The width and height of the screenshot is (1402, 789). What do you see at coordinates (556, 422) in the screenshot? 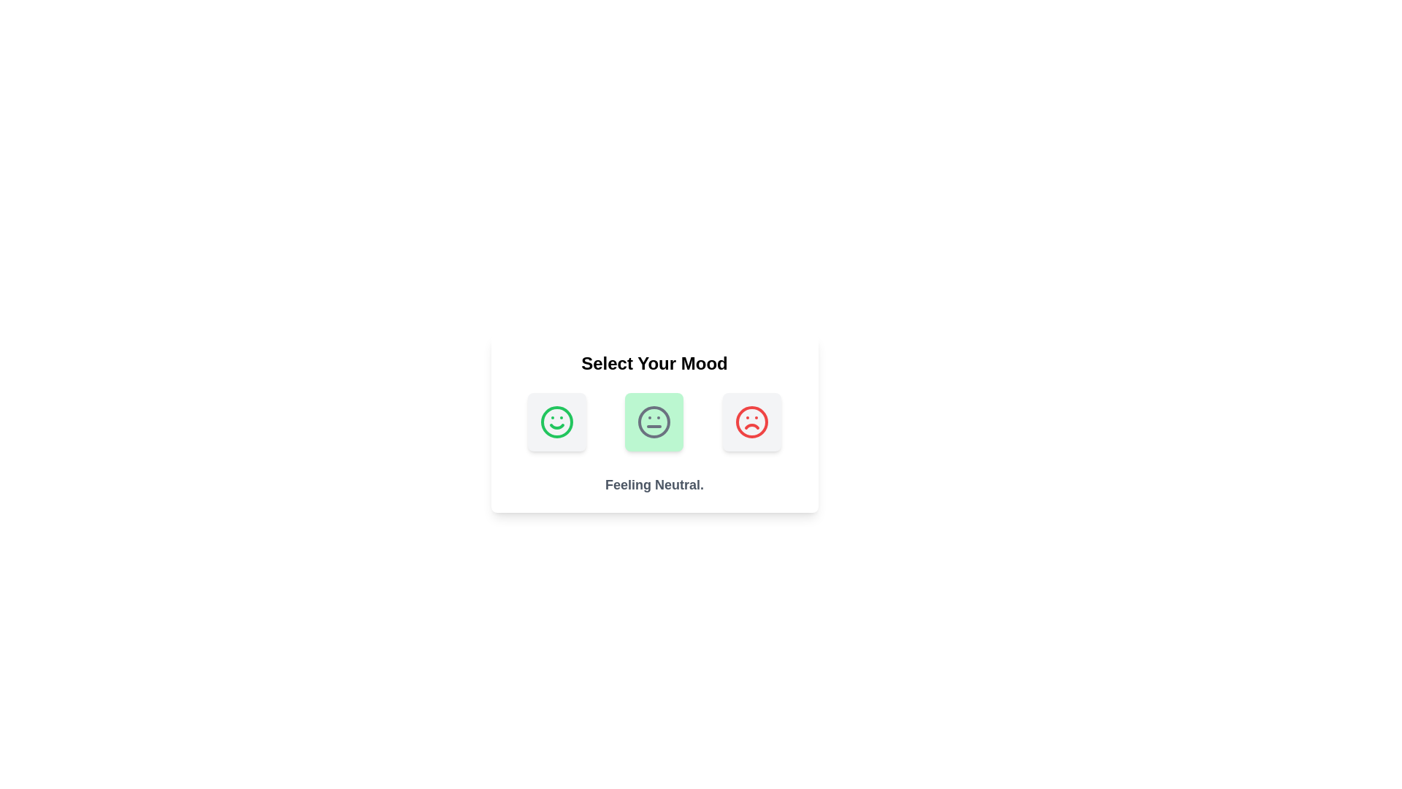
I see `the positive mood icon in the mood selector` at bounding box center [556, 422].